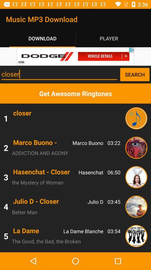 The image size is (151, 270). What do you see at coordinates (75, 56) in the screenshot?
I see `click advertisement` at bounding box center [75, 56].